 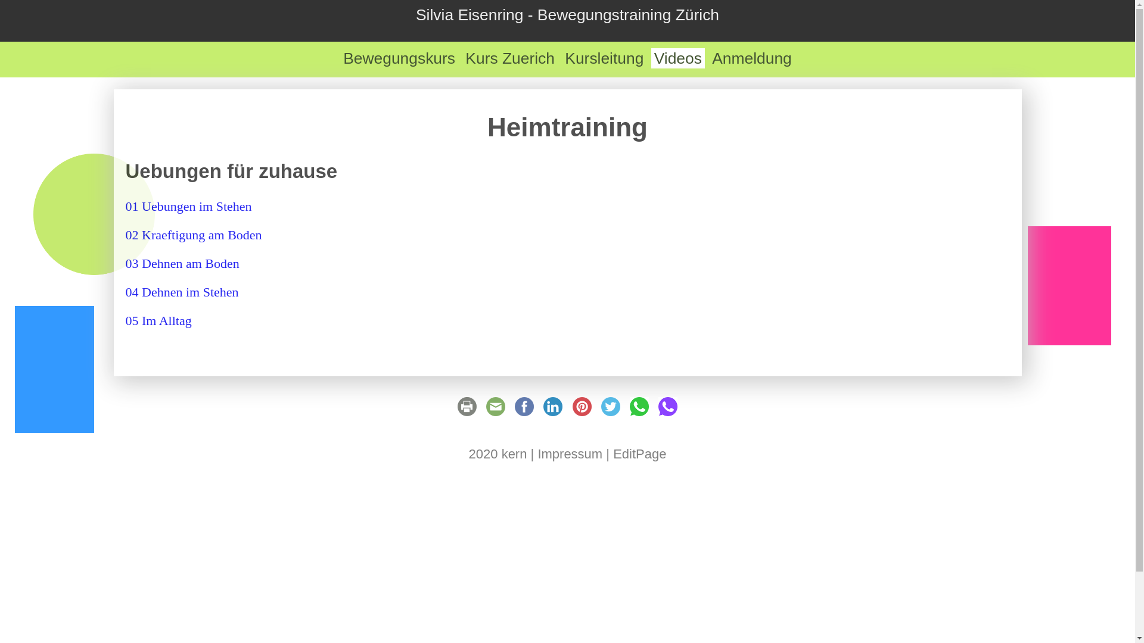 What do you see at coordinates (751, 58) in the screenshot?
I see `'Anmeldung'` at bounding box center [751, 58].